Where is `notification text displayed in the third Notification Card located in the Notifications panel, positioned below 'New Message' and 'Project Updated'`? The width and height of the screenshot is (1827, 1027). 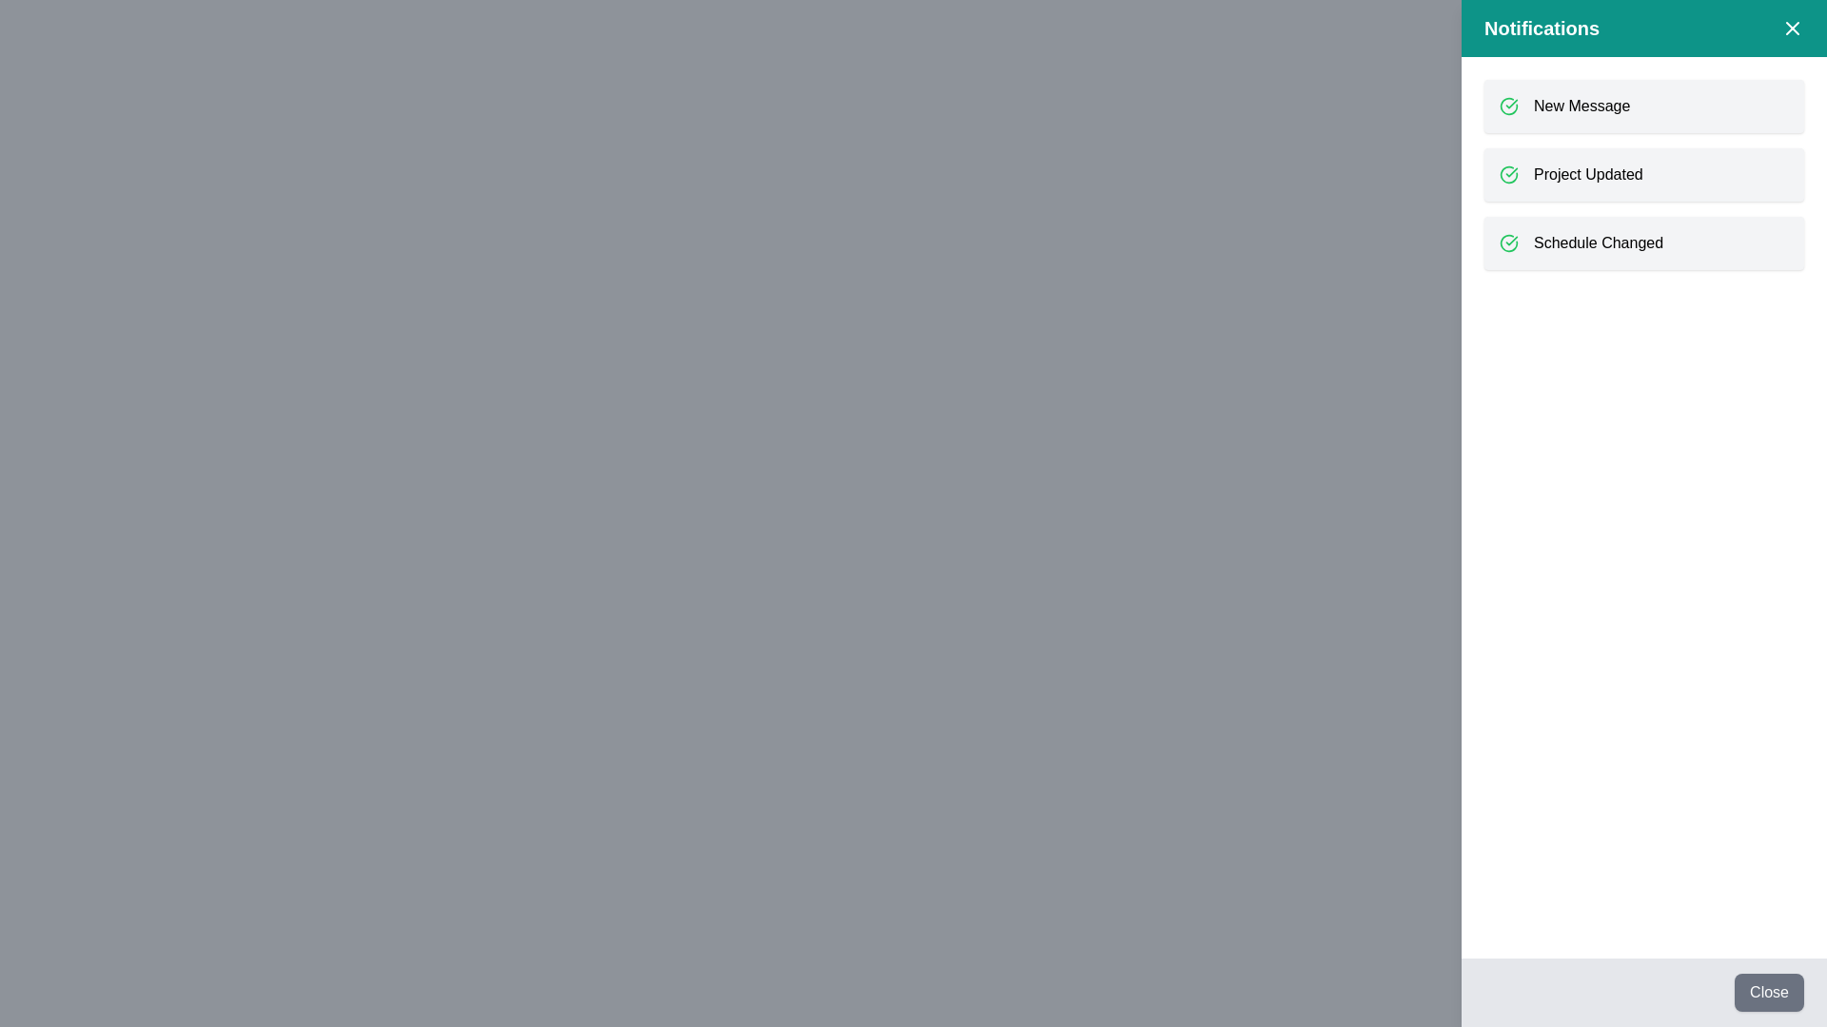 notification text displayed in the third Notification Card located in the Notifications panel, positioned below 'New Message' and 'Project Updated' is located at coordinates (1643, 242).